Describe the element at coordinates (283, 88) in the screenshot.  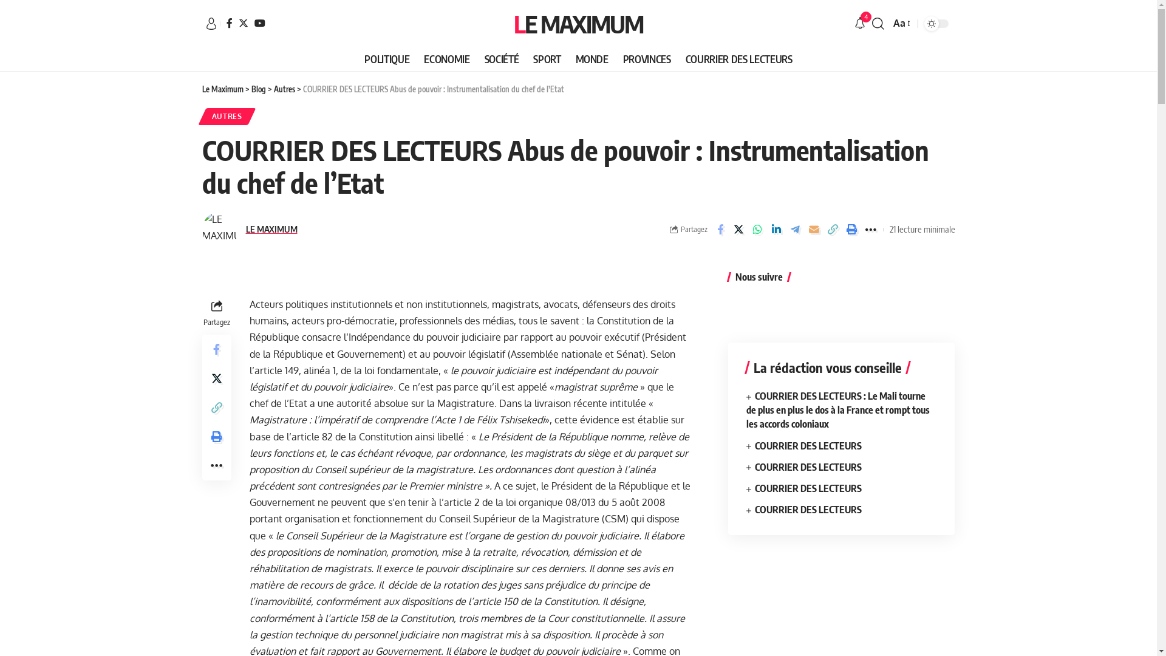
I see `'Autres'` at that location.